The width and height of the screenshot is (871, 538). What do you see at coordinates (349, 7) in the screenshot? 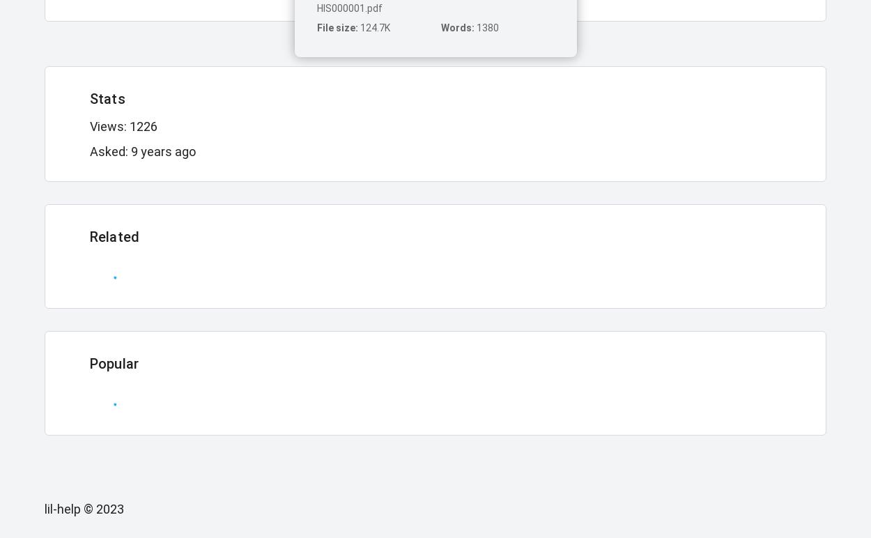
I see `'HIS000001.pdf'` at bounding box center [349, 7].